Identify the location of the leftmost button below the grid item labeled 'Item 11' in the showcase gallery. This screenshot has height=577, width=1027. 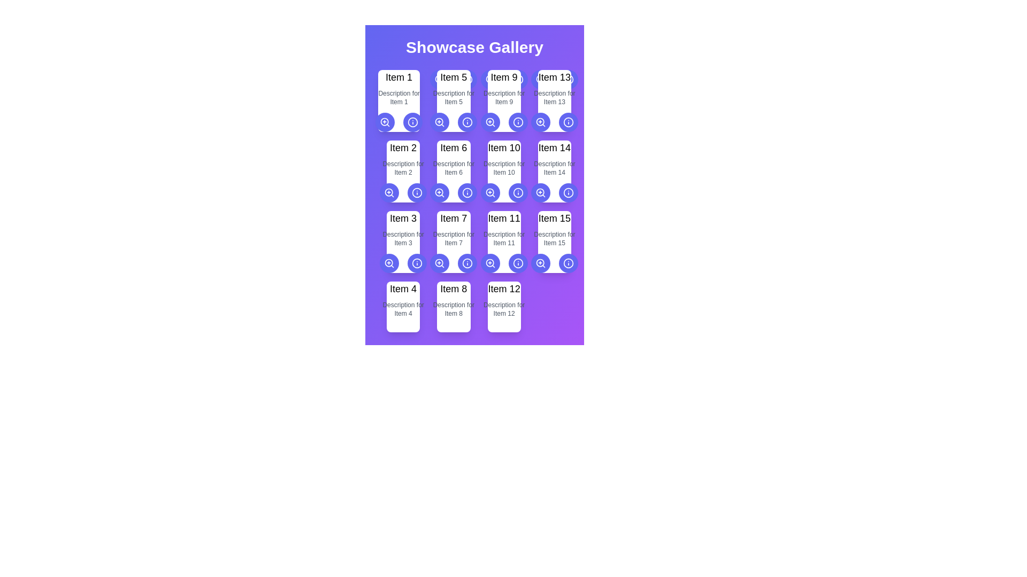
(489, 263).